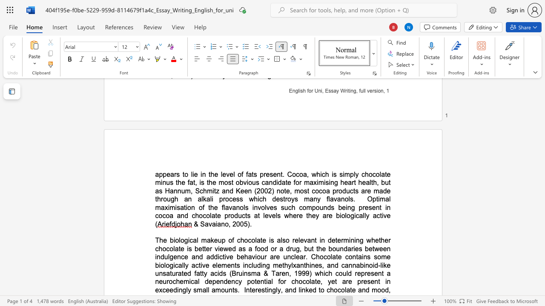 This screenshot has height=306, width=545. What do you see at coordinates (341, 249) in the screenshot?
I see `the 1th character "n" in the text` at bounding box center [341, 249].